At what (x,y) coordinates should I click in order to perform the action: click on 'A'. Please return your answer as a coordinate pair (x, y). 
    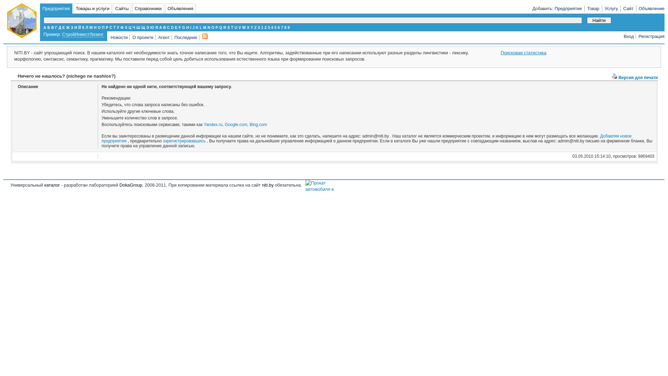
    Looking at the image, I should click on (160, 27).